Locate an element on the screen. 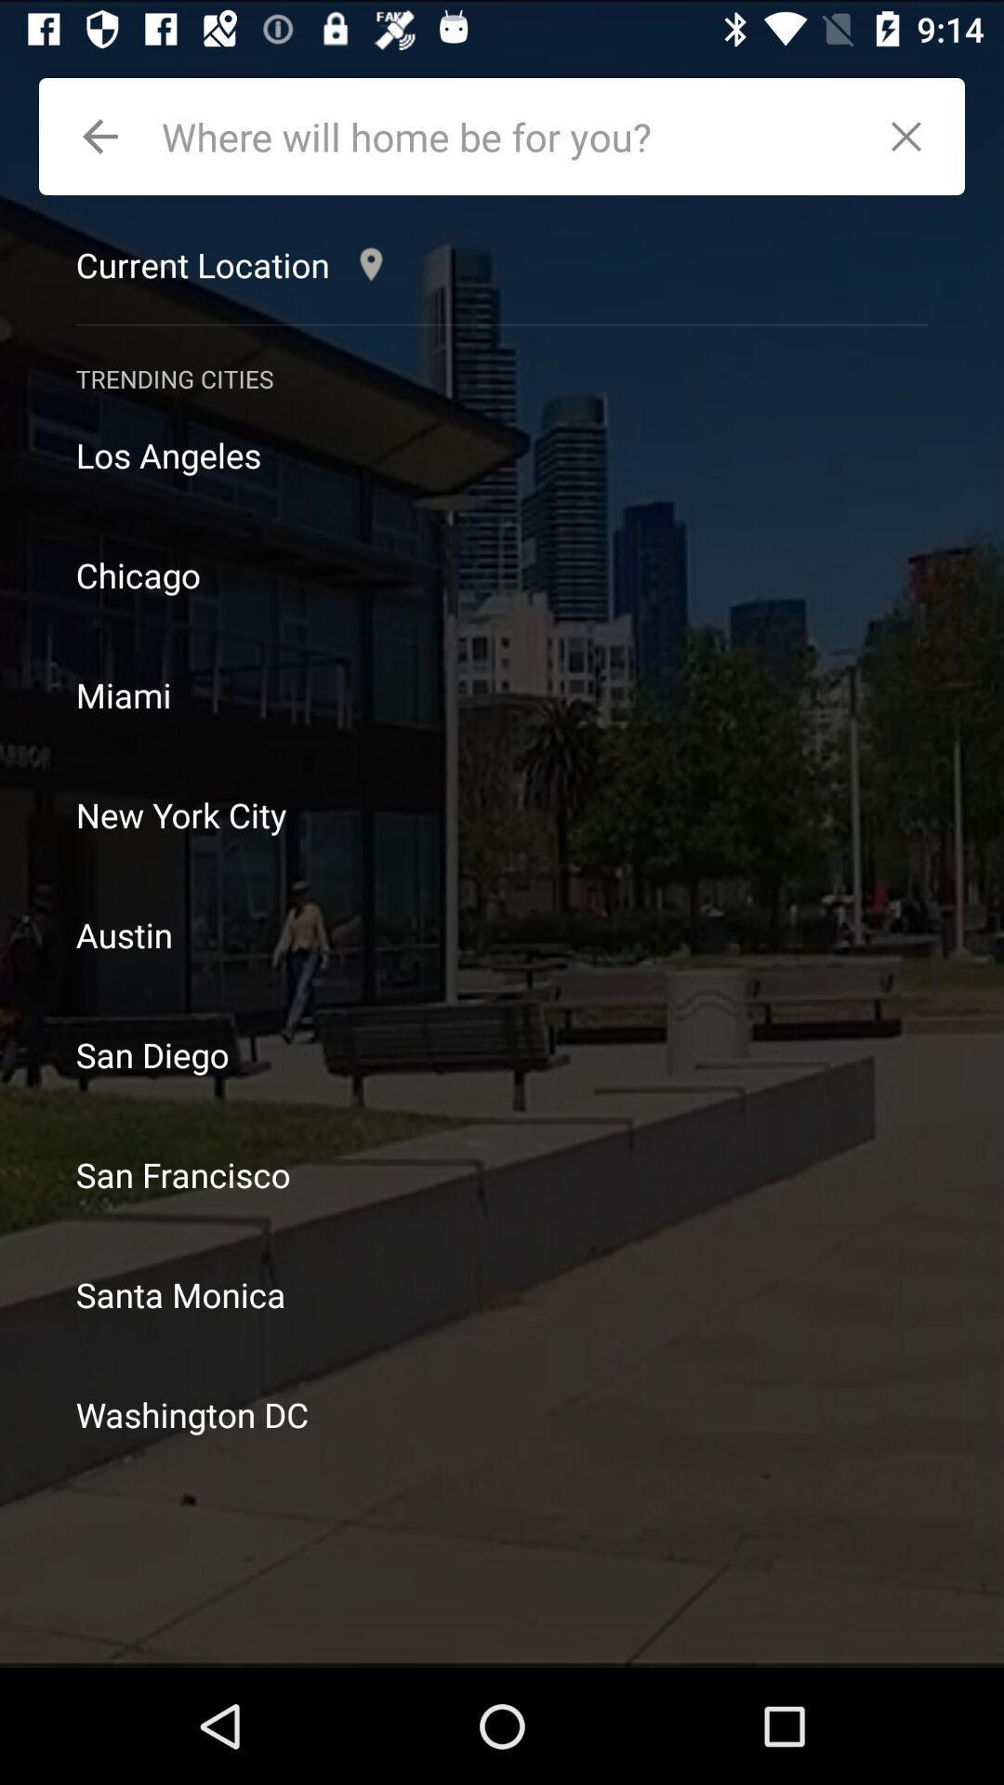 The image size is (1004, 1785). miami icon is located at coordinates (502, 694).